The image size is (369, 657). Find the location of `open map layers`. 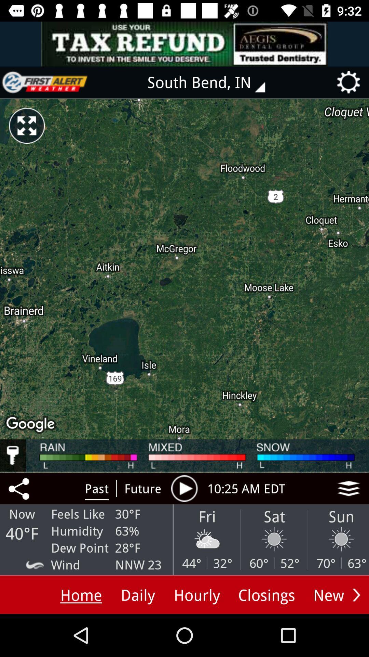

open map layers is located at coordinates (348, 488).